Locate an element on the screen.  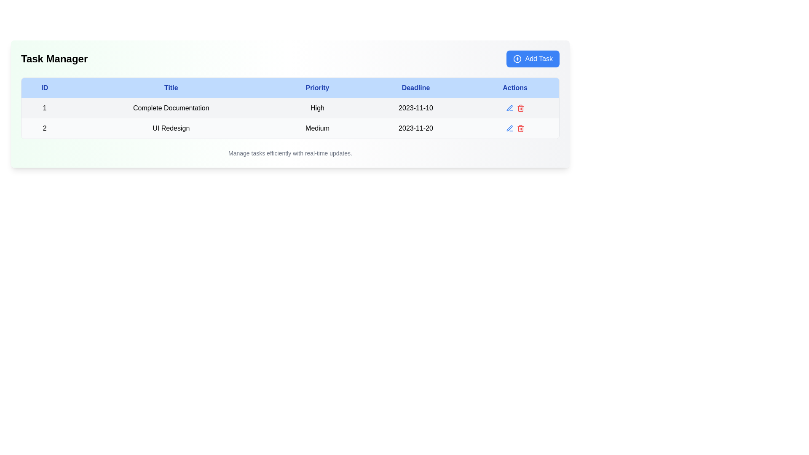
the Text label column header, which indicates unique identifiers for entries in the table and is positioned in the top-left corner of the table header row is located at coordinates (44, 88).